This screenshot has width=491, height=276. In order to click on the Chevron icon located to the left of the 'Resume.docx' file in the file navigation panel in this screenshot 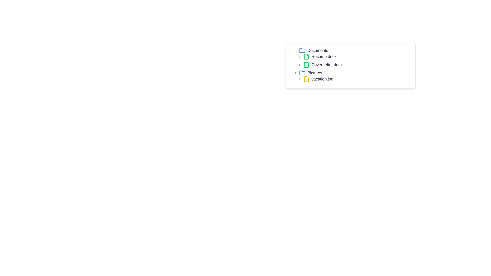, I will do `click(299, 57)`.